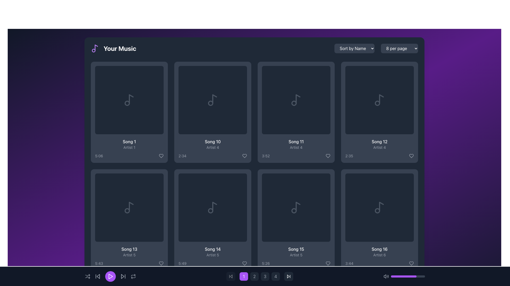  I want to click on the Text Label indicating the artist of 'Song 16', located below the title and above the duration, so click(379, 255).